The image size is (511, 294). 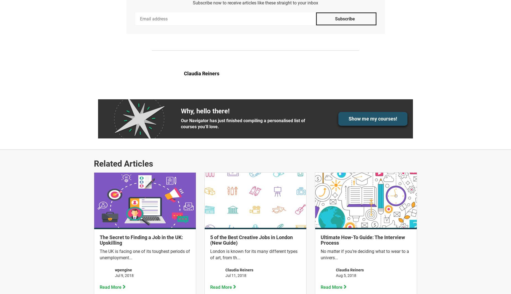 What do you see at coordinates (364, 254) in the screenshot?
I see `'No matter if you’re deciding what to wear to a univers...'` at bounding box center [364, 254].